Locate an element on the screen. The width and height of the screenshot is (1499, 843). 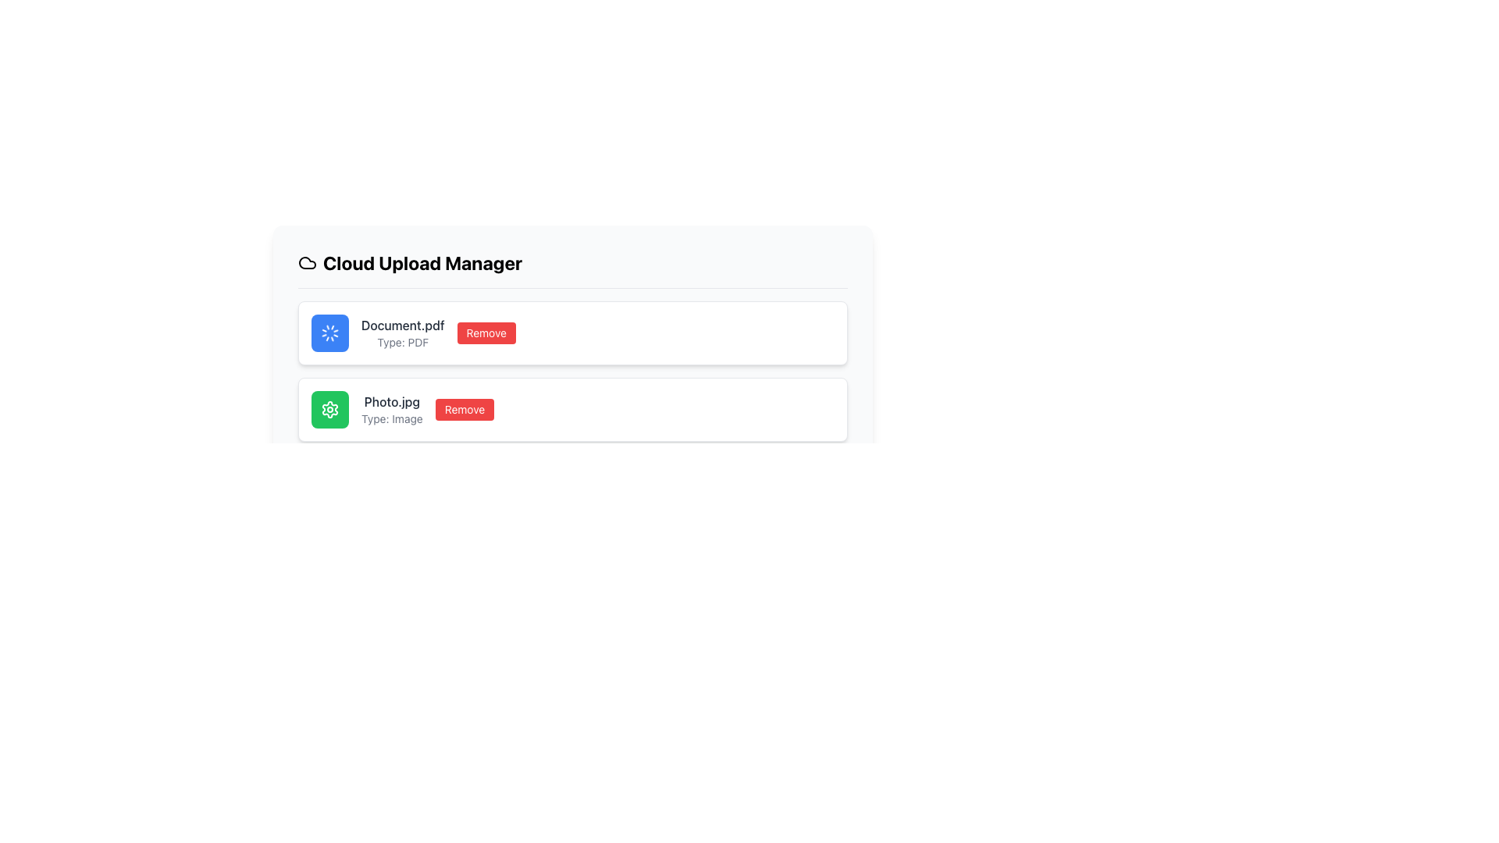
the red 'Remove' button with rounded edges located to the right of 'Photo.jpg' in the second file item entry of the 'Cloud Upload Manager' is located at coordinates (464, 408).